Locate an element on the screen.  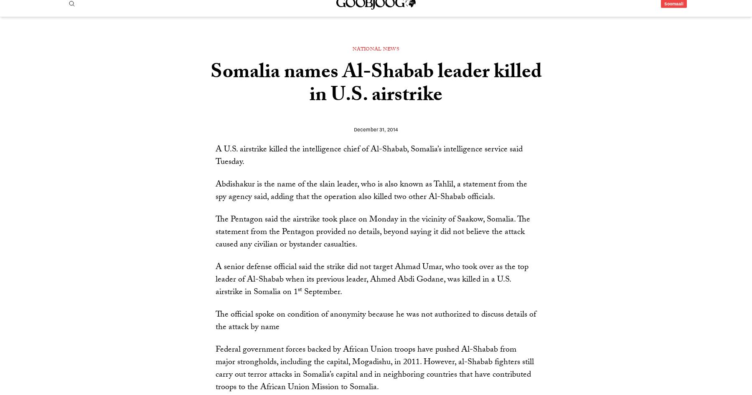
'A U.S. airstrike killed the intelligence chief of Al-Shabab, Somalia’s intelligence service said Tuesday.' is located at coordinates (369, 179).